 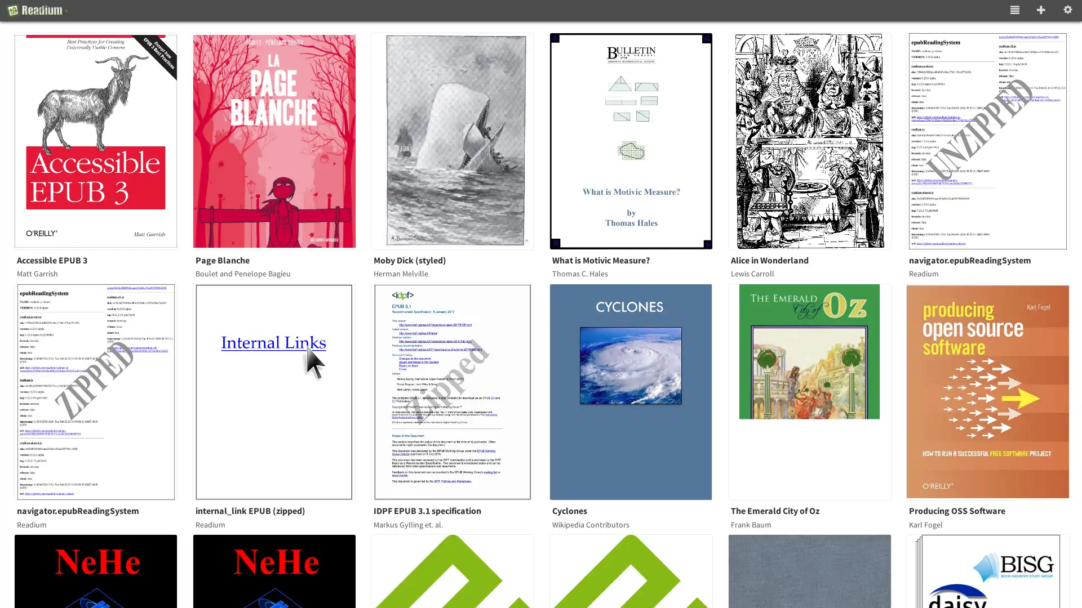 I want to click on (8) internal_link EPUB (zipped), so click(x=281, y=391).